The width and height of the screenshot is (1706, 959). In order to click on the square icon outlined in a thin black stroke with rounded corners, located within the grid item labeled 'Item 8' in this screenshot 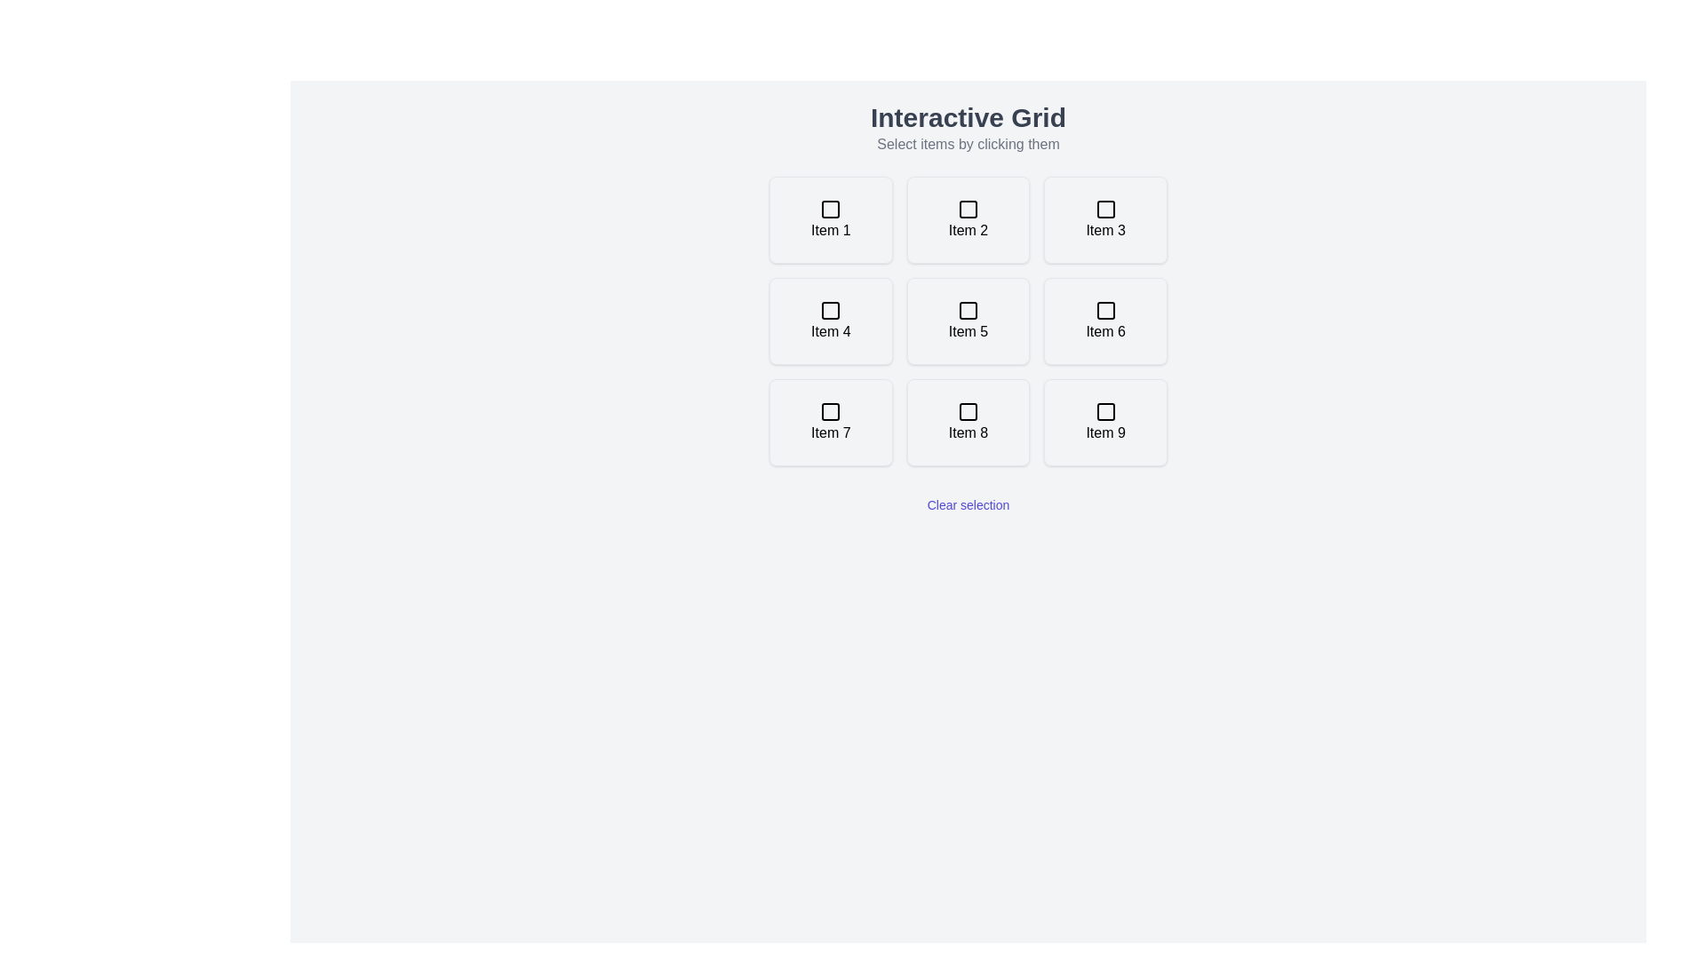, I will do `click(967, 411)`.